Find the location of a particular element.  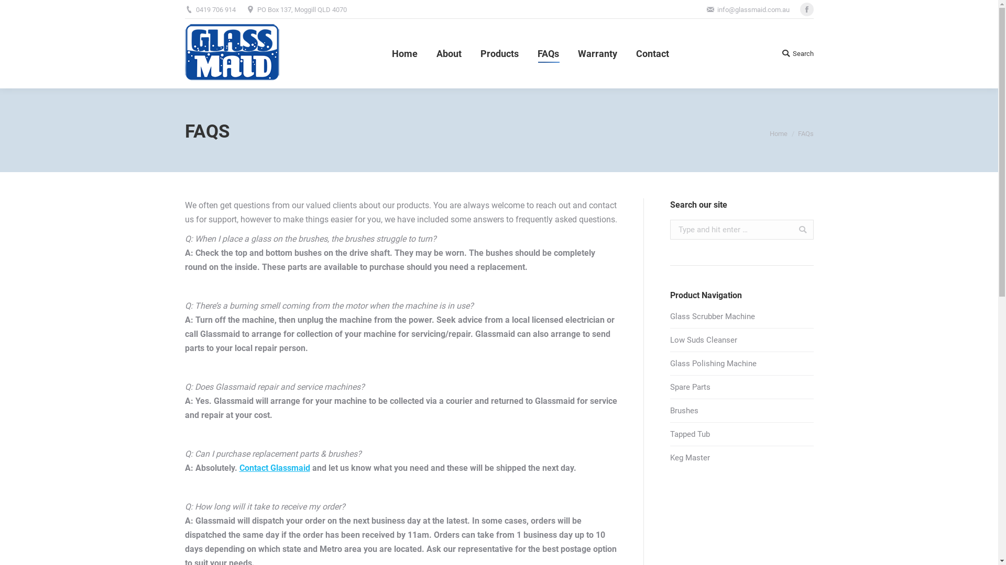

'Facebook' is located at coordinates (806, 9).